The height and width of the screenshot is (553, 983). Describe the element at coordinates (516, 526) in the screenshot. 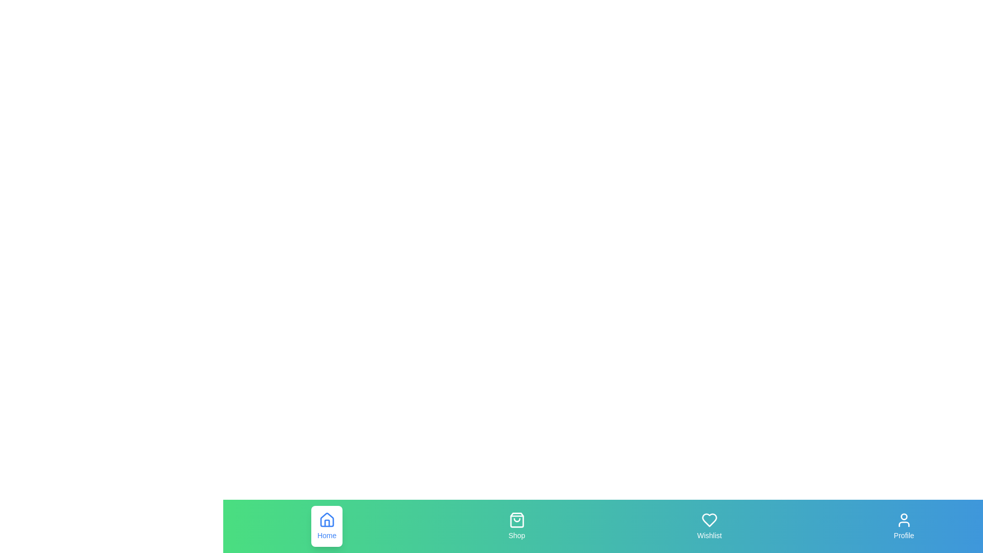

I see `the Shop tab in the bottom navigation` at that location.